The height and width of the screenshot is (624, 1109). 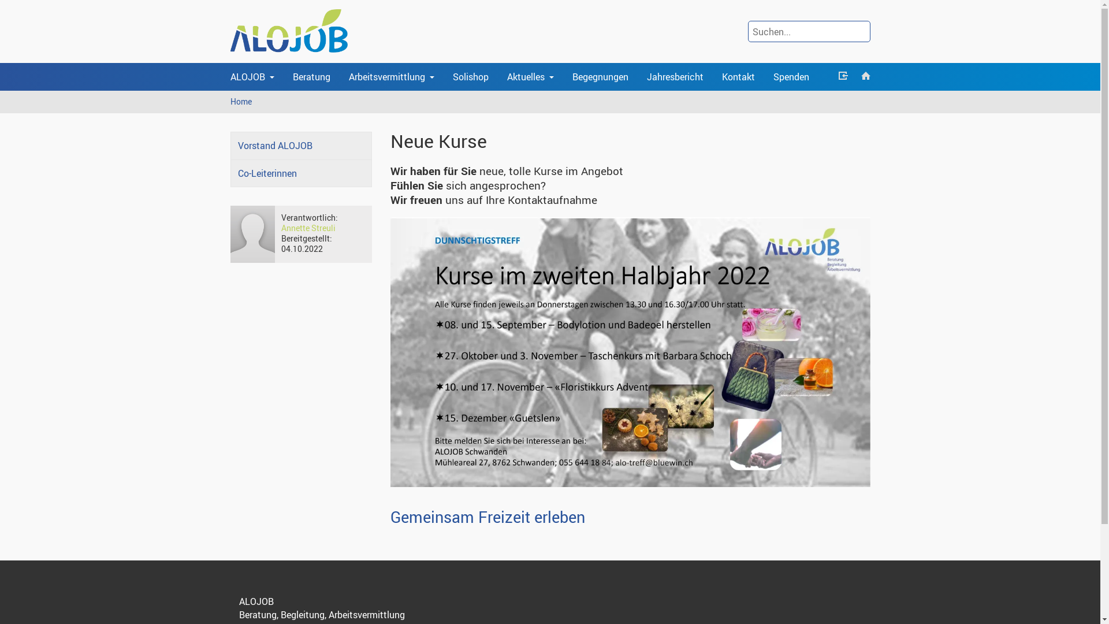 What do you see at coordinates (600, 76) in the screenshot?
I see `'Begegnungen'` at bounding box center [600, 76].